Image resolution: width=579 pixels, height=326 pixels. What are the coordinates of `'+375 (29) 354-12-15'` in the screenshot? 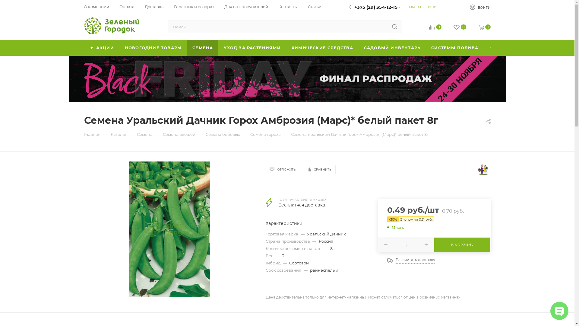 It's located at (375, 7).